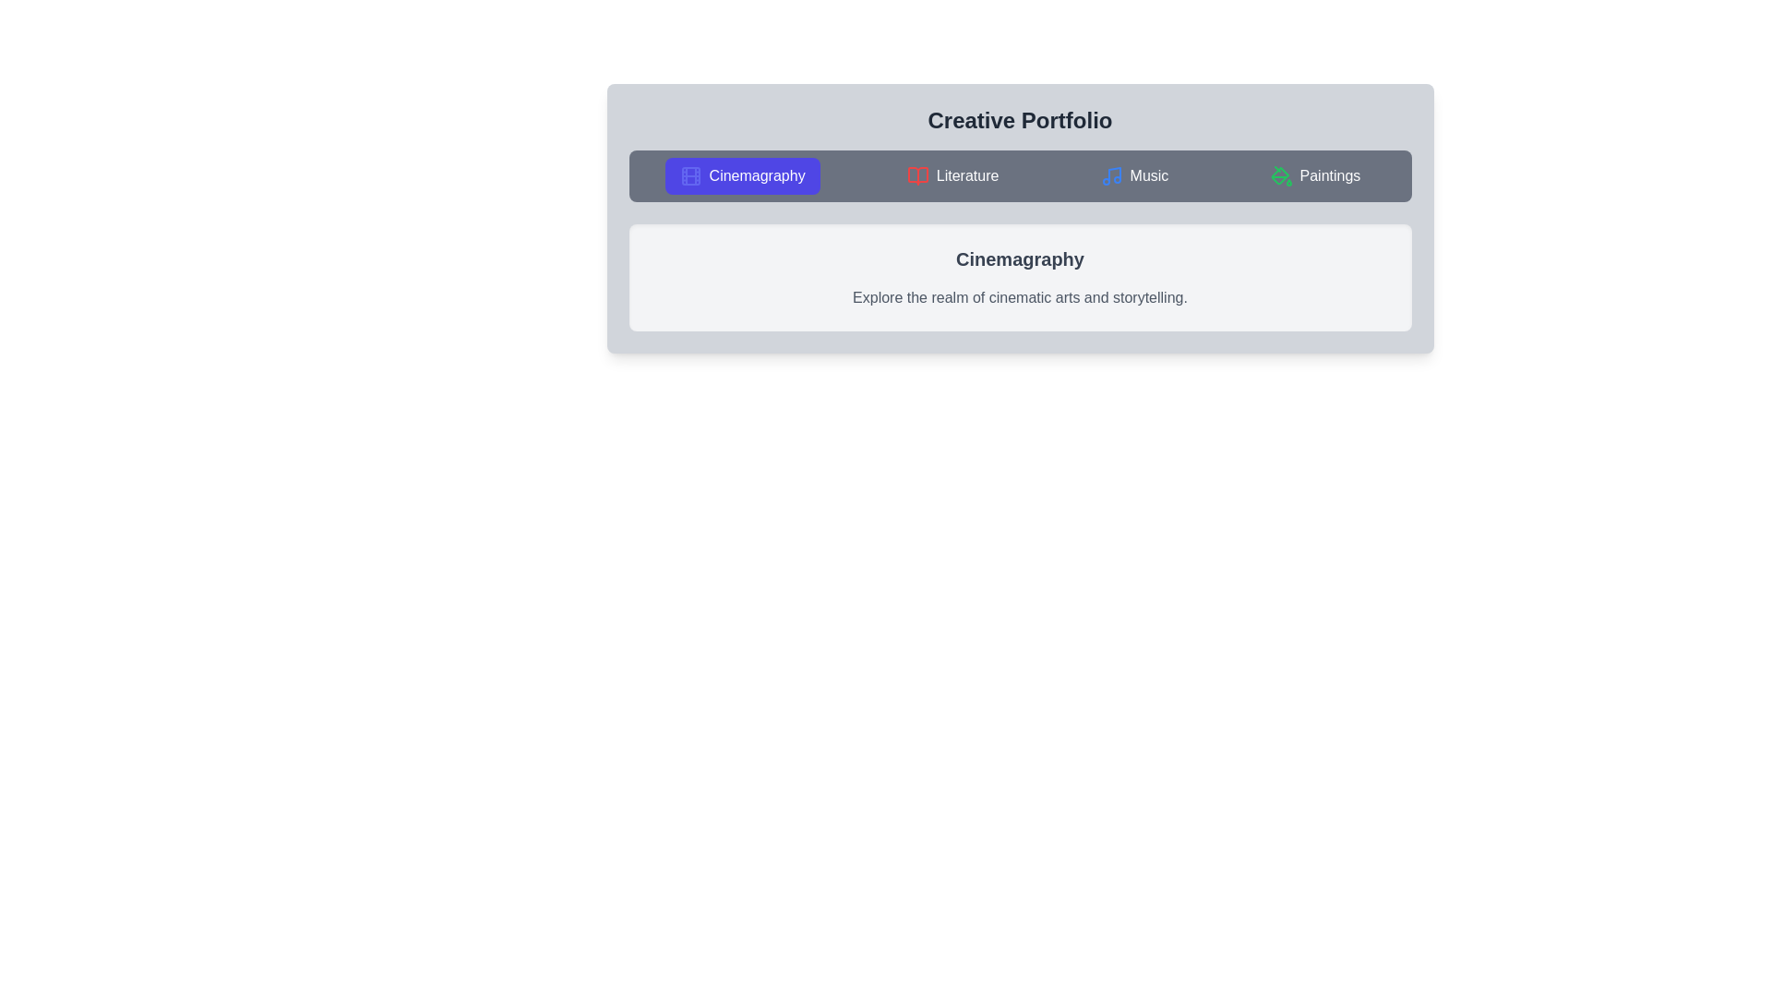 The width and height of the screenshot is (1772, 997). What do you see at coordinates (742, 176) in the screenshot?
I see `the tab labeled Cinemagraphy` at bounding box center [742, 176].